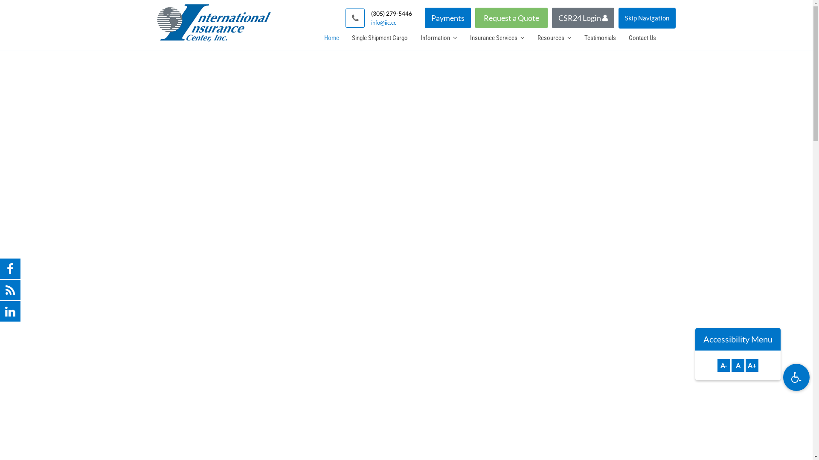  What do you see at coordinates (752, 365) in the screenshot?
I see `'A+'` at bounding box center [752, 365].